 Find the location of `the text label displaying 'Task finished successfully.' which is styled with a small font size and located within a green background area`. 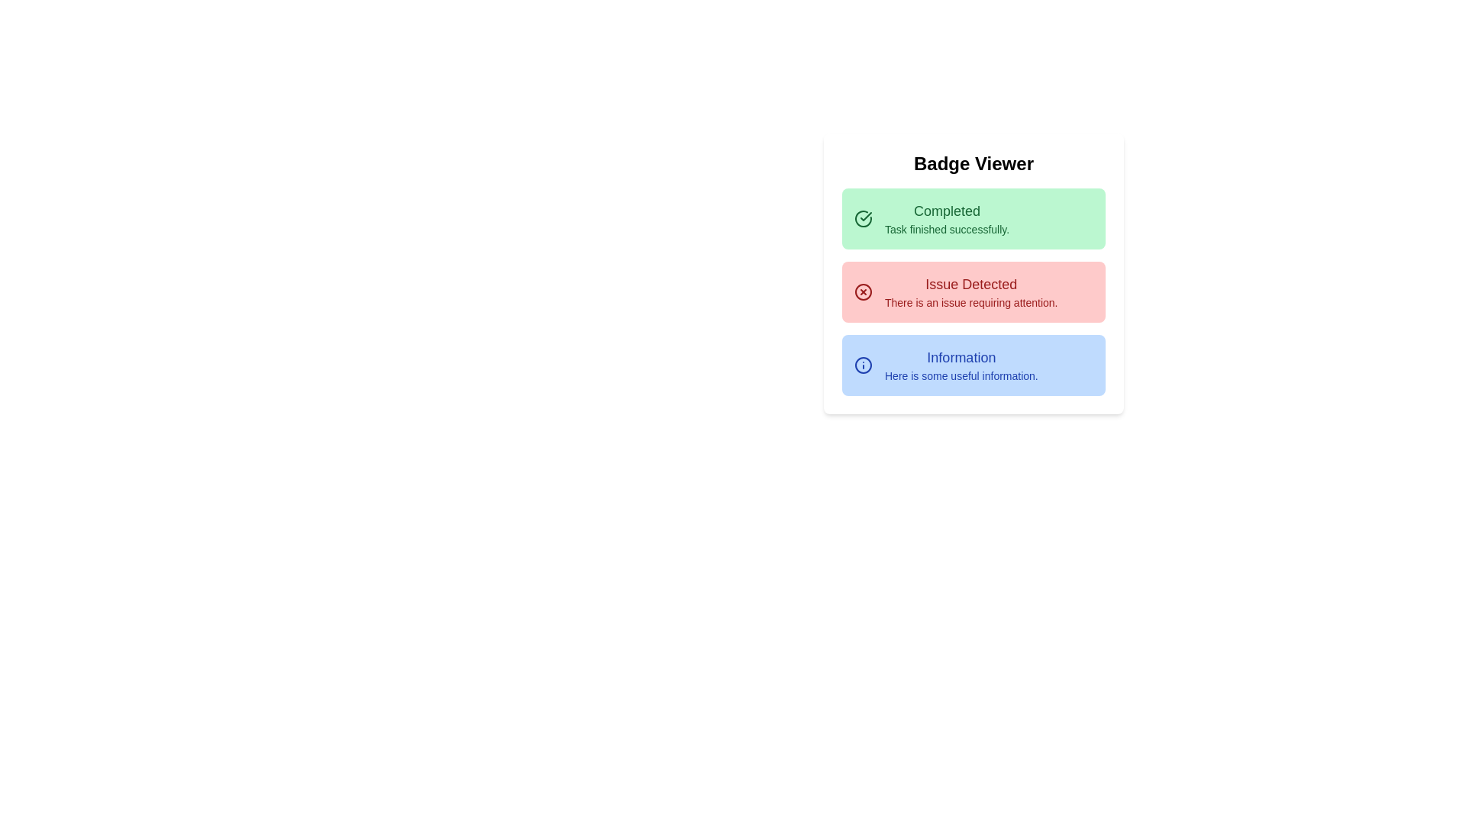

the text label displaying 'Task finished successfully.' which is styled with a small font size and located within a green background area is located at coordinates (946, 229).